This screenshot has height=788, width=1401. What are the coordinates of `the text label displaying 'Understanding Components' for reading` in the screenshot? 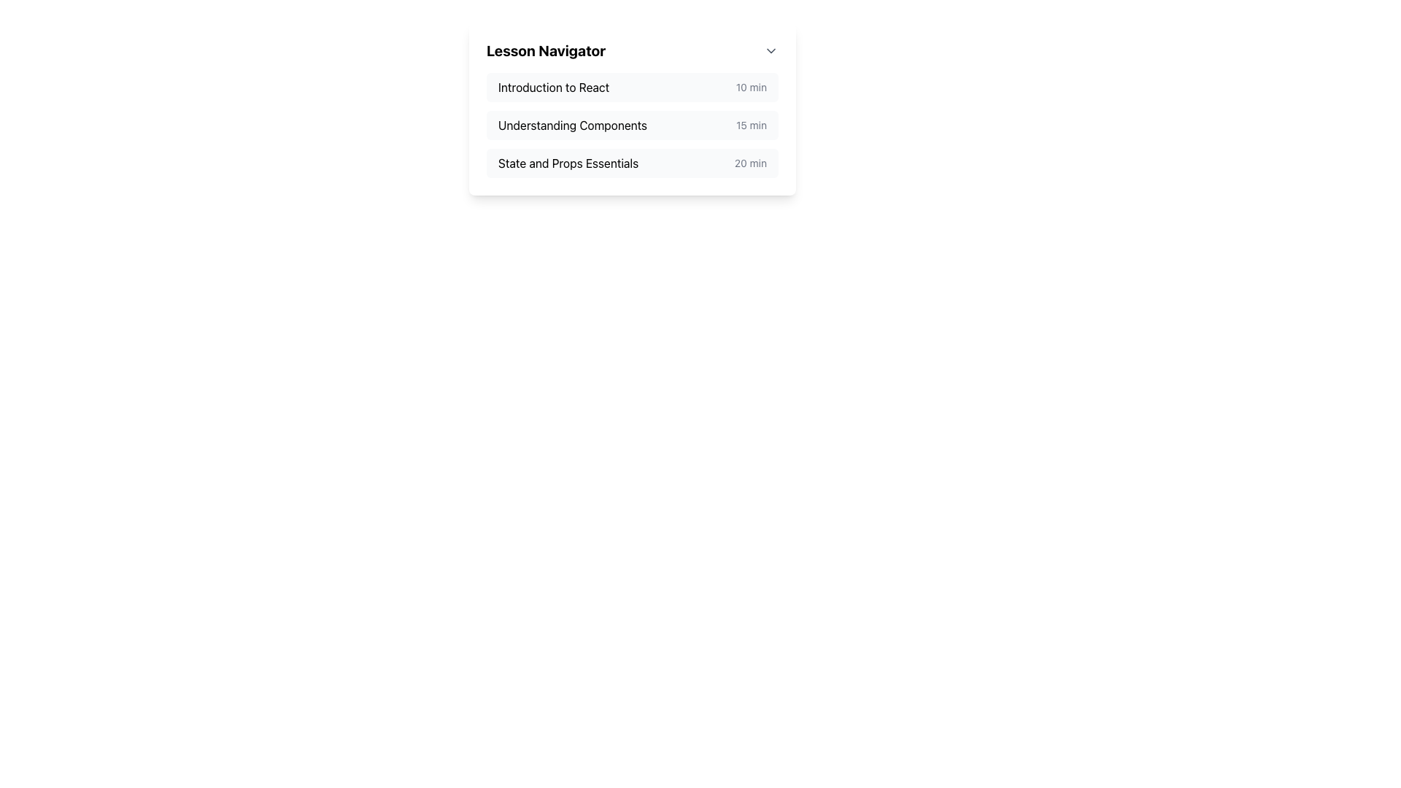 It's located at (572, 125).